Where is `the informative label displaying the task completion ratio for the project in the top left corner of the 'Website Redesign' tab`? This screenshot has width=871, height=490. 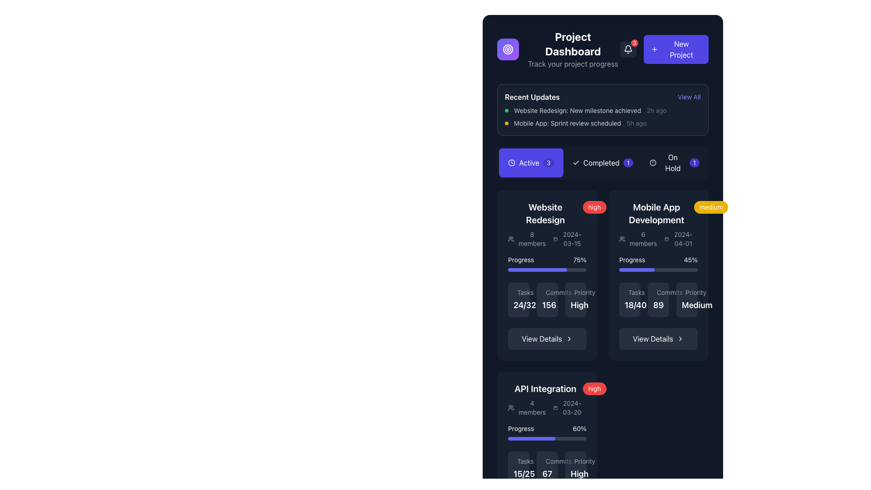
the informative label displaying the task completion ratio for the project in the top left corner of the 'Website Redesign' tab is located at coordinates (519, 299).